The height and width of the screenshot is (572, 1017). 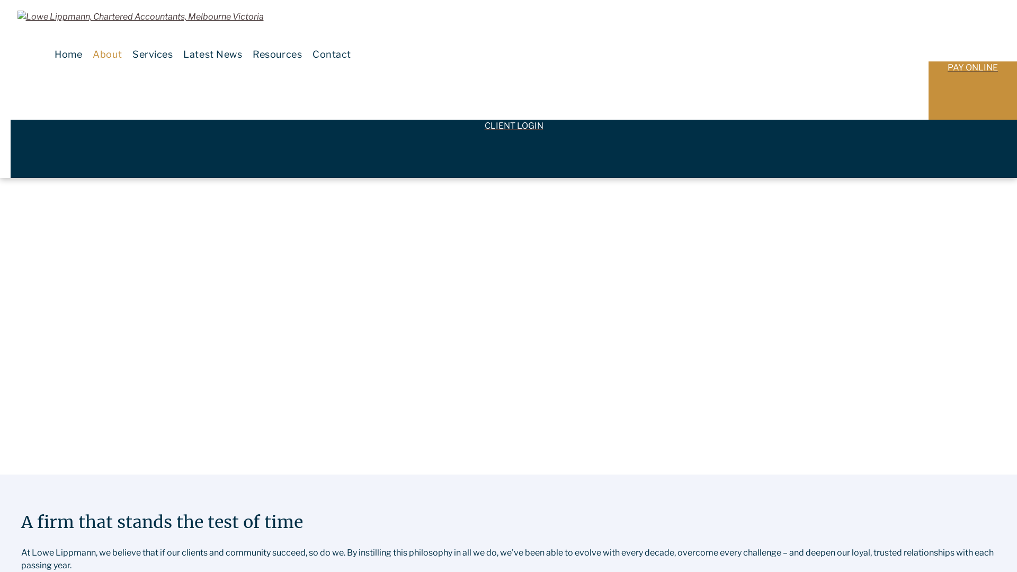 What do you see at coordinates (68, 54) in the screenshot?
I see `'Home'` at bounding box center [68, 54].